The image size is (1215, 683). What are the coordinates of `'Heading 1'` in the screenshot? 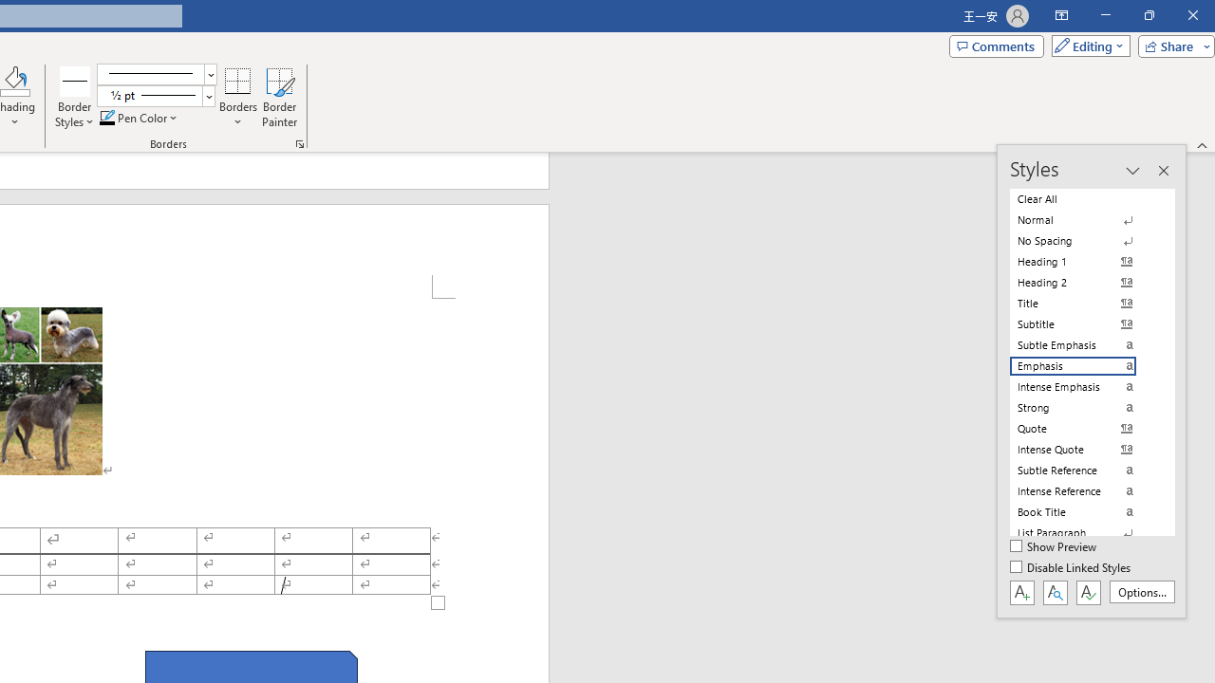 It's located at (1084, 262).